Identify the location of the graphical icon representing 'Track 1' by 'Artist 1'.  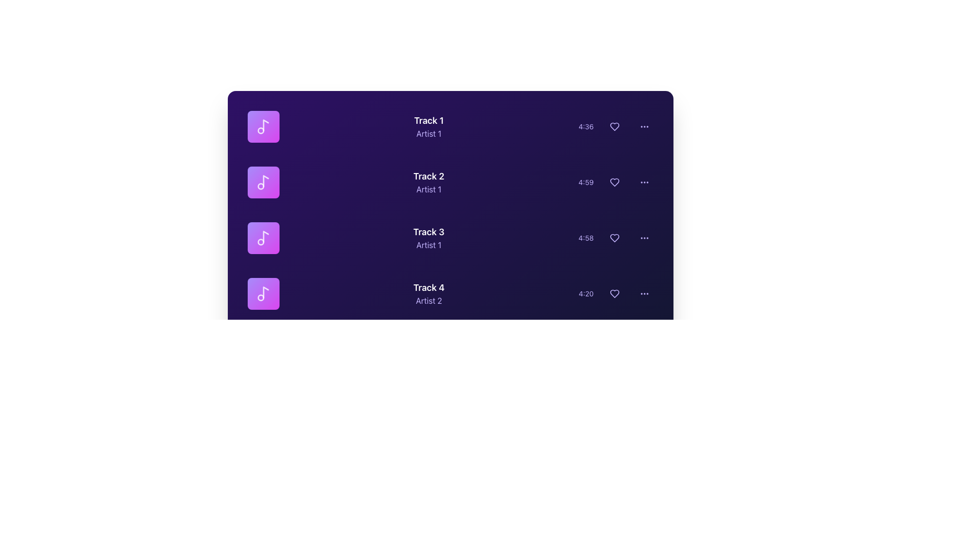
(263, 126).